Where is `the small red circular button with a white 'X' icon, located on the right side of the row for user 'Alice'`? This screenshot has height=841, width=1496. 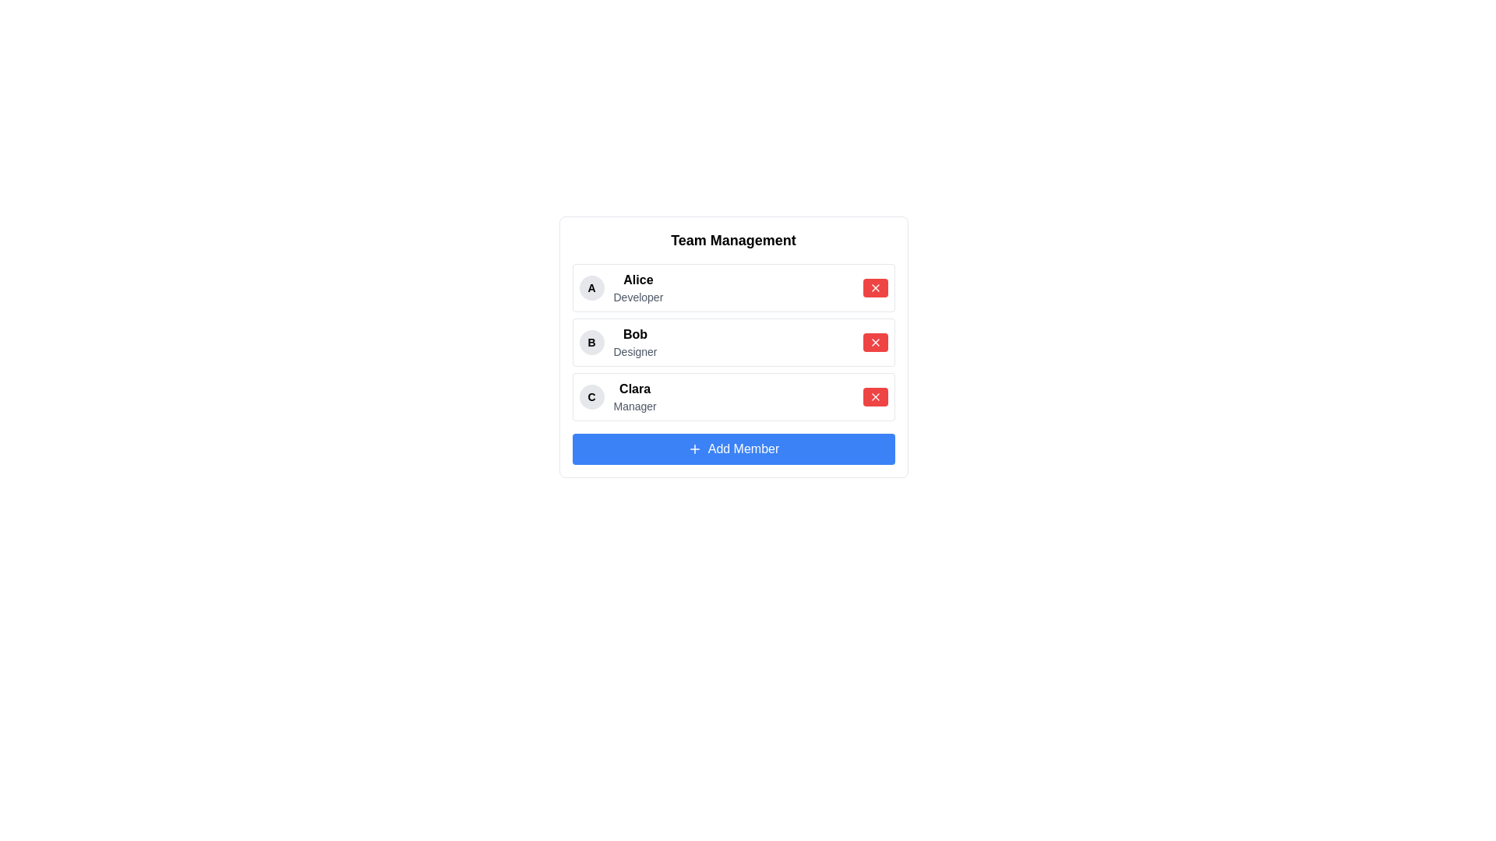 the small red circular button with a white 'X' icon, located on the right side of the row for user 'Alice' is located at coordinates (875, 288).